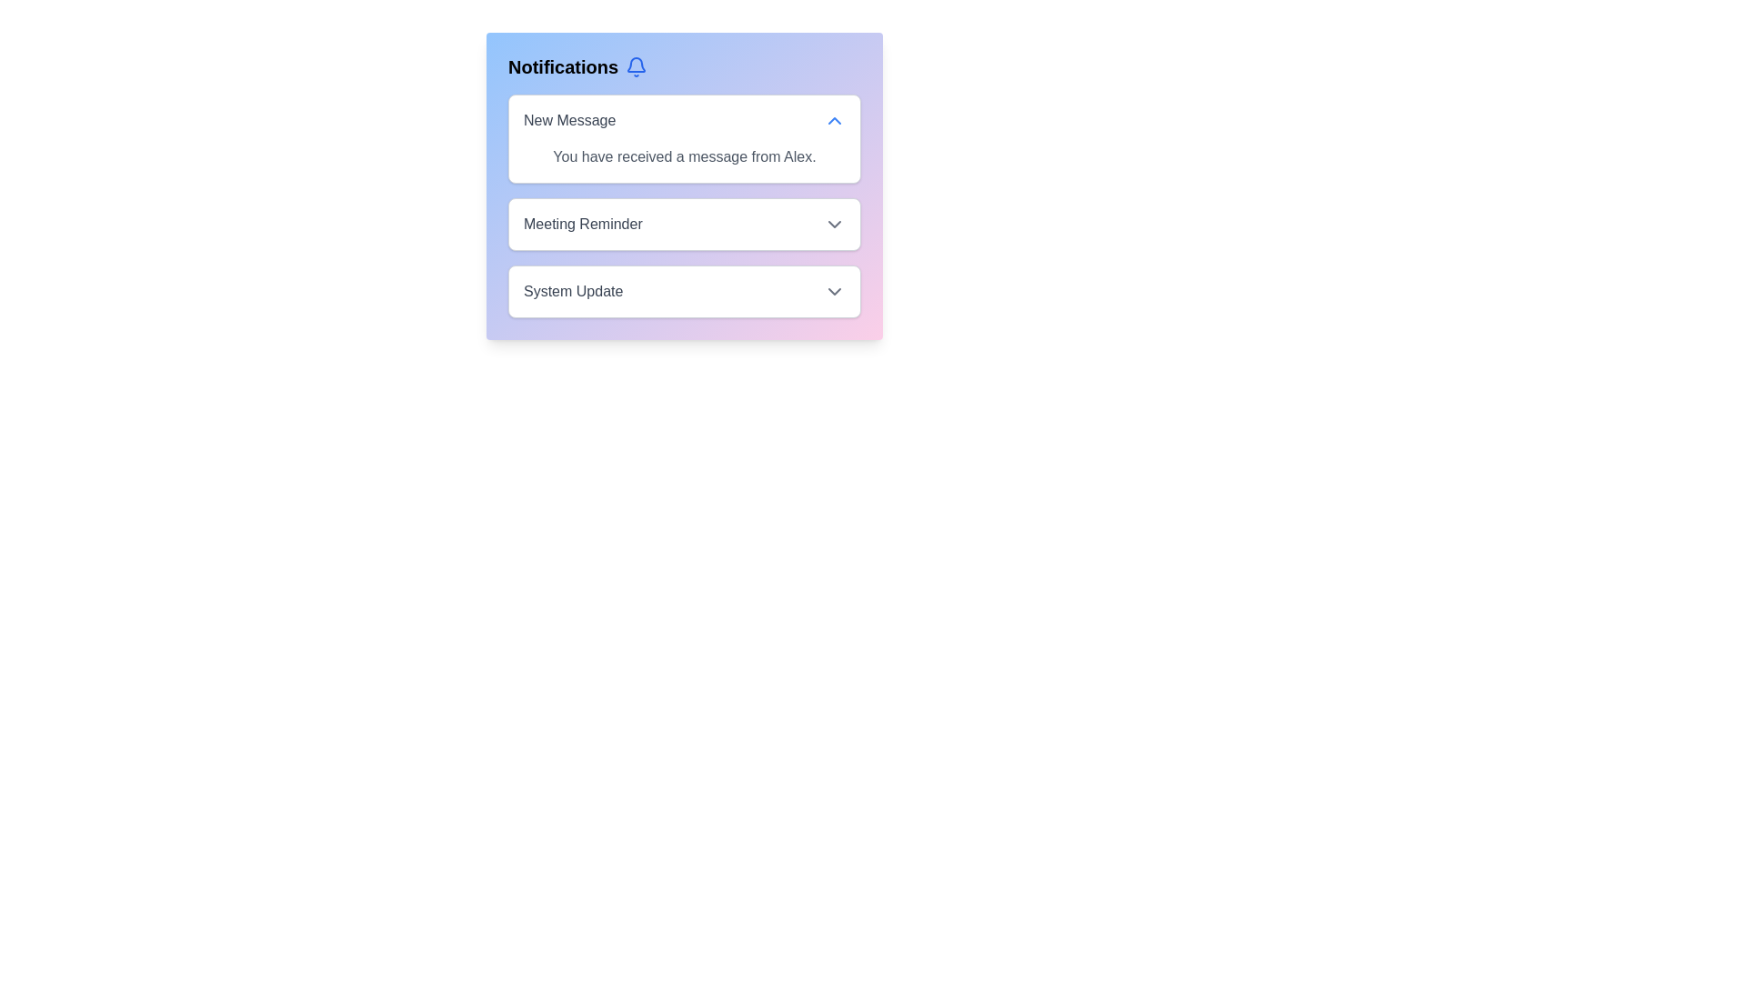  What do you see at coordinates (684, 205) in the screenshot?
I see `the second item in the notification list, which is the Informational Card displaying meeting reminder details` at bounding box center [684, 205].